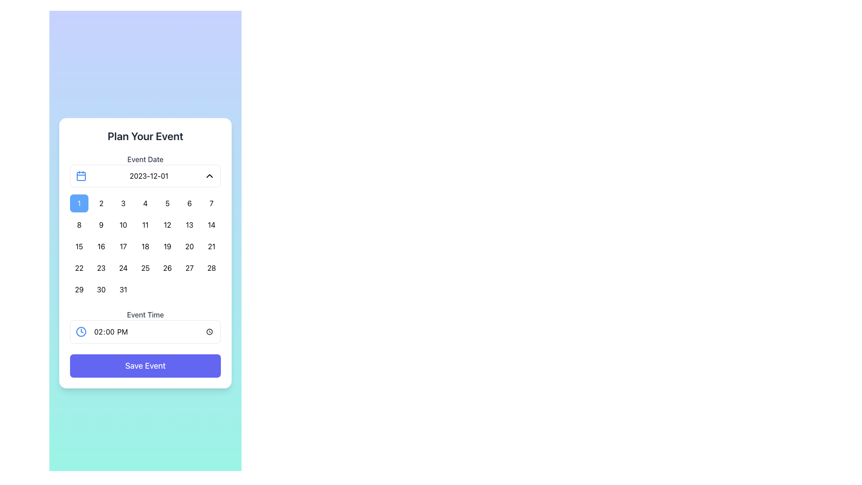 The height and width of the screenshot is (485, 862). I want to click on the rounded square button labeled '26' in the calendar section, so click(167, 268).